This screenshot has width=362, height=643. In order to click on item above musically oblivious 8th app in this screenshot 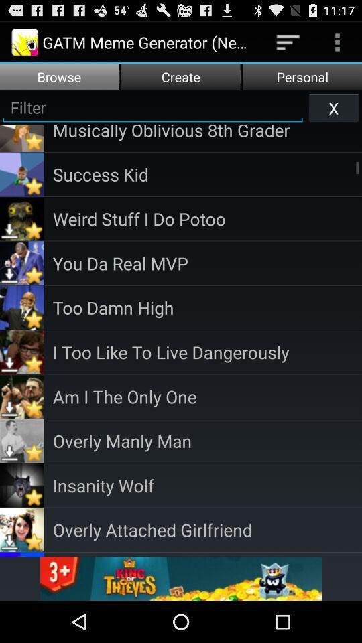, I will do `click(333, 106)`.